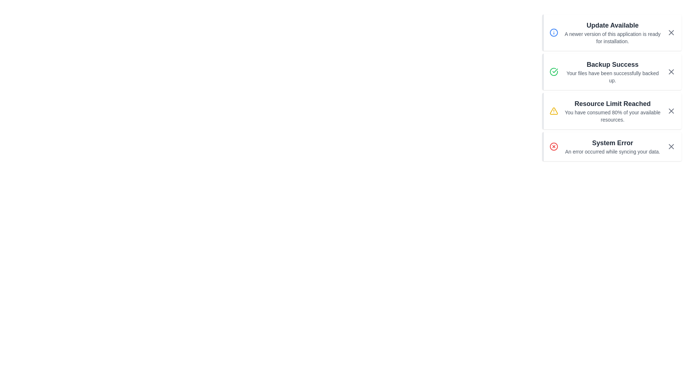  What do you see at coordinates (553, 32) in the screenshot?
I see `the informational icon located at the left side of the 'Update Available' notification box, which serves as a visual cue for the message type` at bounding box center [553, 32].